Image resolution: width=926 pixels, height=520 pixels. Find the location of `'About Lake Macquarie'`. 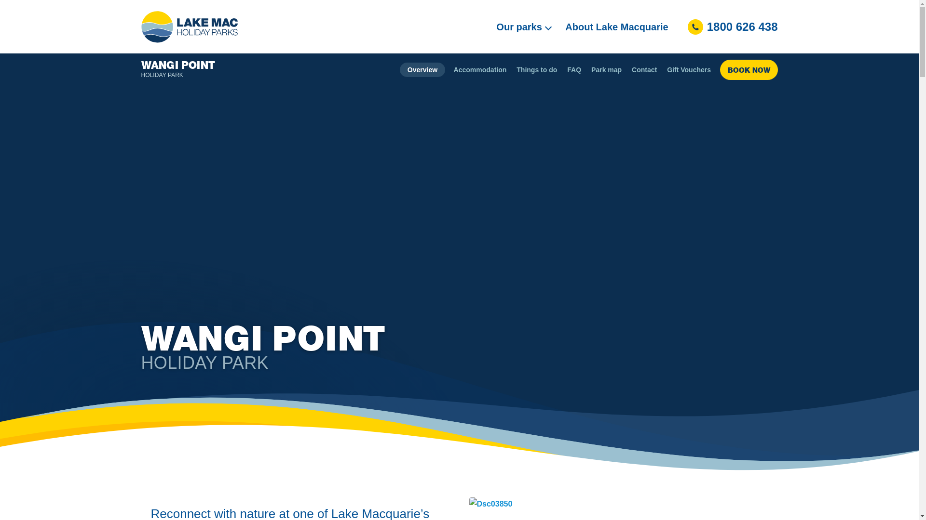

'About Lake Macquarie' is located at coordinates (616, 26).